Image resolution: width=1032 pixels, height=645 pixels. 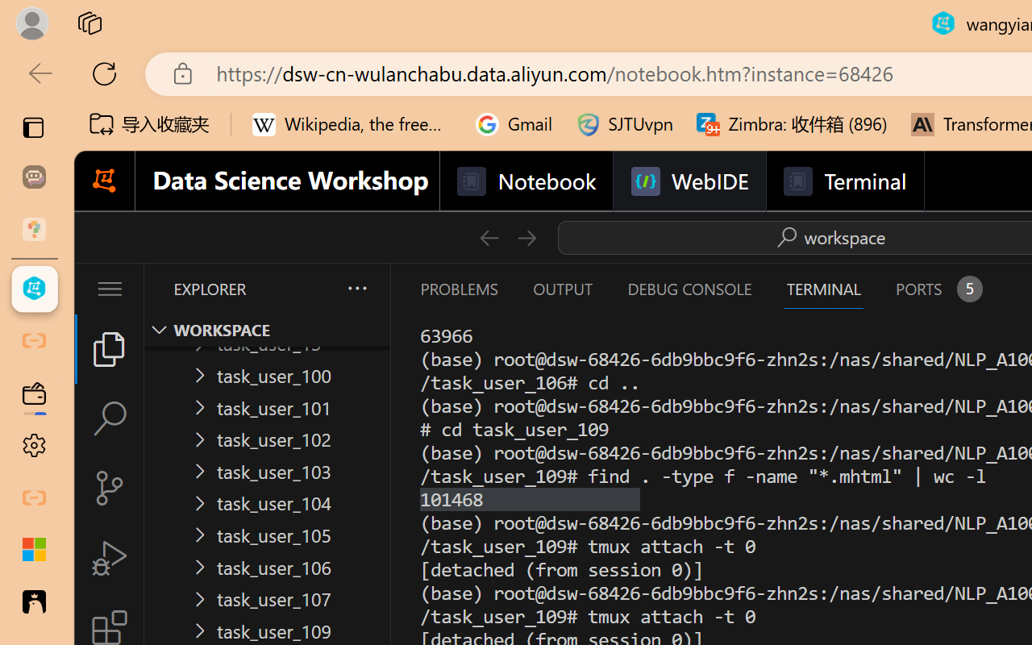 I want to click on 'Output (Ctrl+Shift+U)', so click(x=561, y=289).